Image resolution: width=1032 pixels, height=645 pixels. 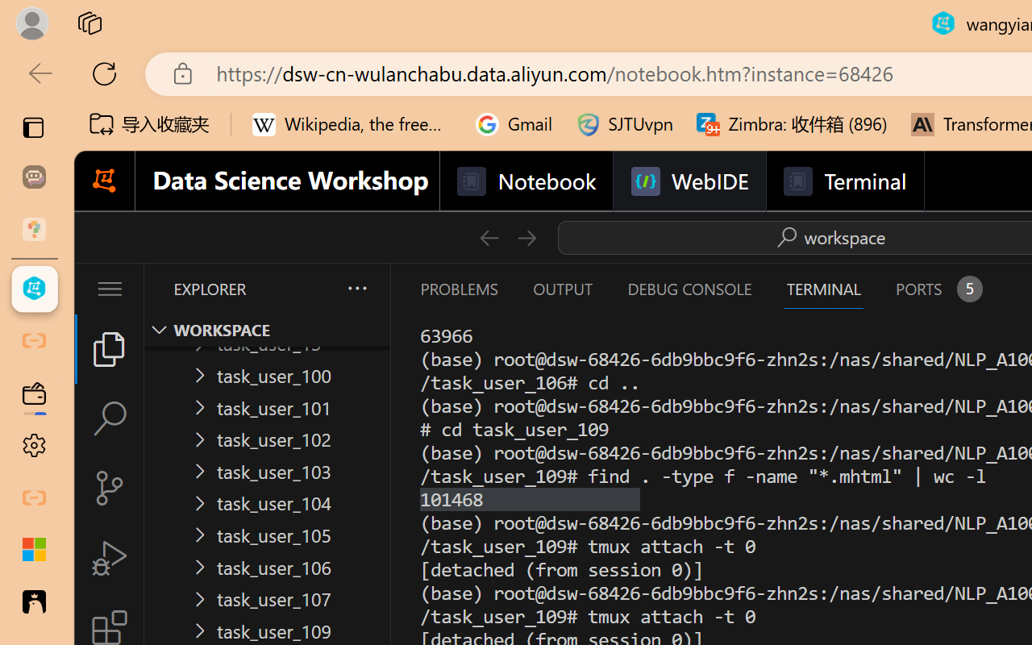 I want to click on 'Output (Ctrl+Shift+U)', so click(x=561, y=289).